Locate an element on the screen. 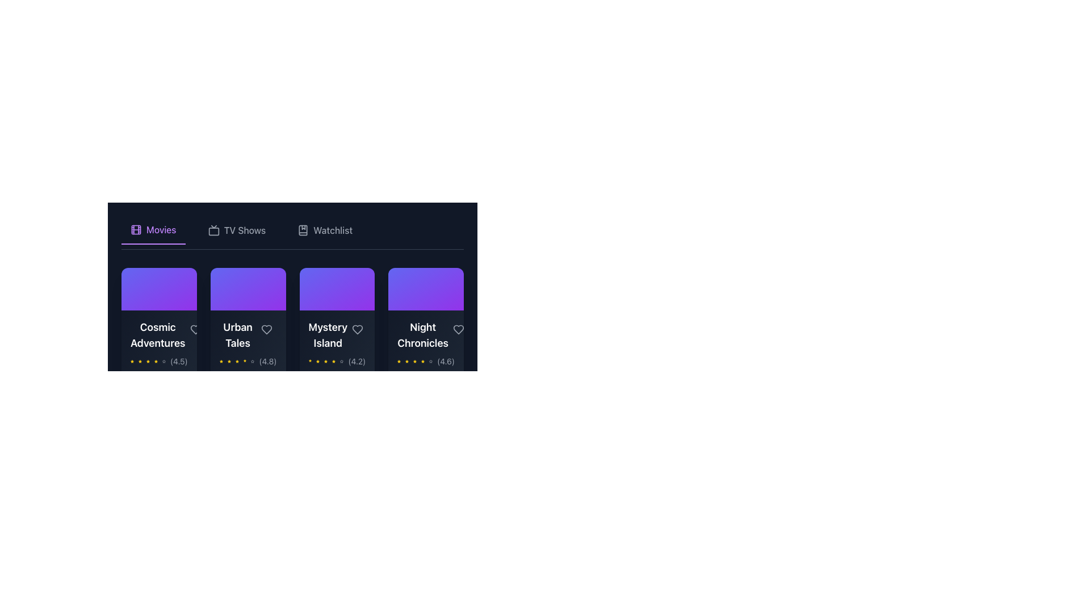 Image resolution: width=1090 pixels, height=613 pixels. rating value displayed as '(4.6)' in gray font on the bottom-right area of the 'Night Chronicles' card, next to the yellow stars is located at coordinates (445, 361).